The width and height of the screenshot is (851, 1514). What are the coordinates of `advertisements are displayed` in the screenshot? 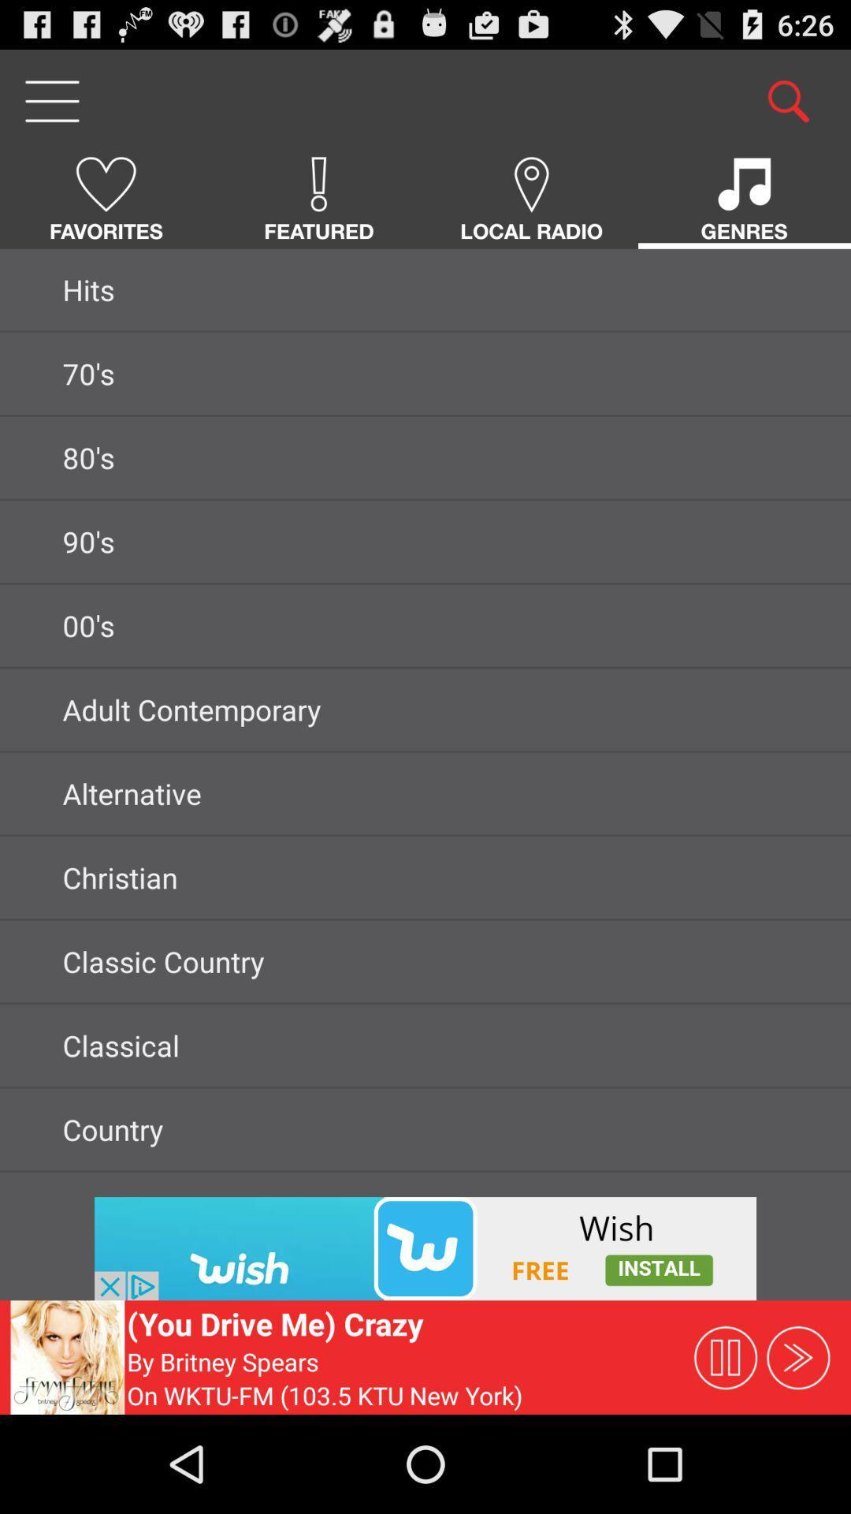 It's located at (425, 1247).